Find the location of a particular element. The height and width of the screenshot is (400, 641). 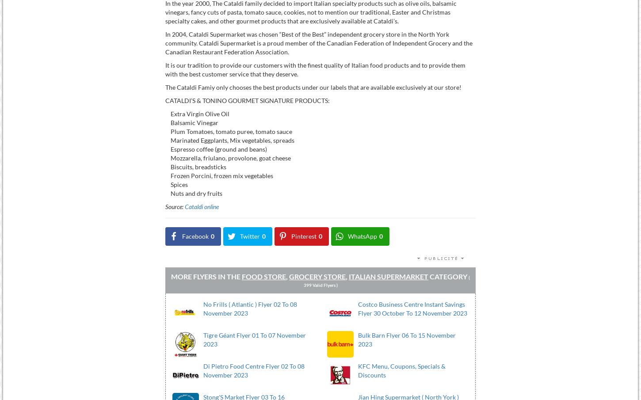

'In 2004, Cataldi Supermarket was chosen “Best of the Best” independent grocery store in the North York community. Cataldi Supermarket is a proud member of the Canadian Federation of Independent Grocery and the Canadian Restaurant Federation Association.' is located at coordinates (318, 42).